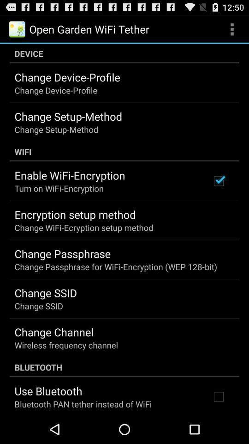 The image size is (249, 444). I want to click on app next to the open garden wifi app, so click(231, 29).